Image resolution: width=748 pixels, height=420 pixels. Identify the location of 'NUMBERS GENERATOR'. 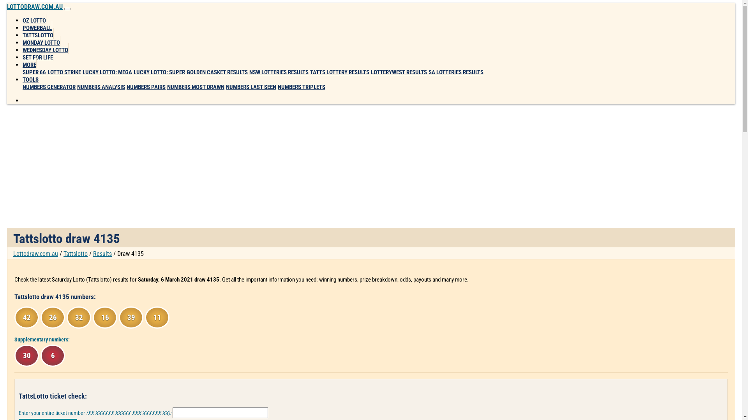
(48, 87).